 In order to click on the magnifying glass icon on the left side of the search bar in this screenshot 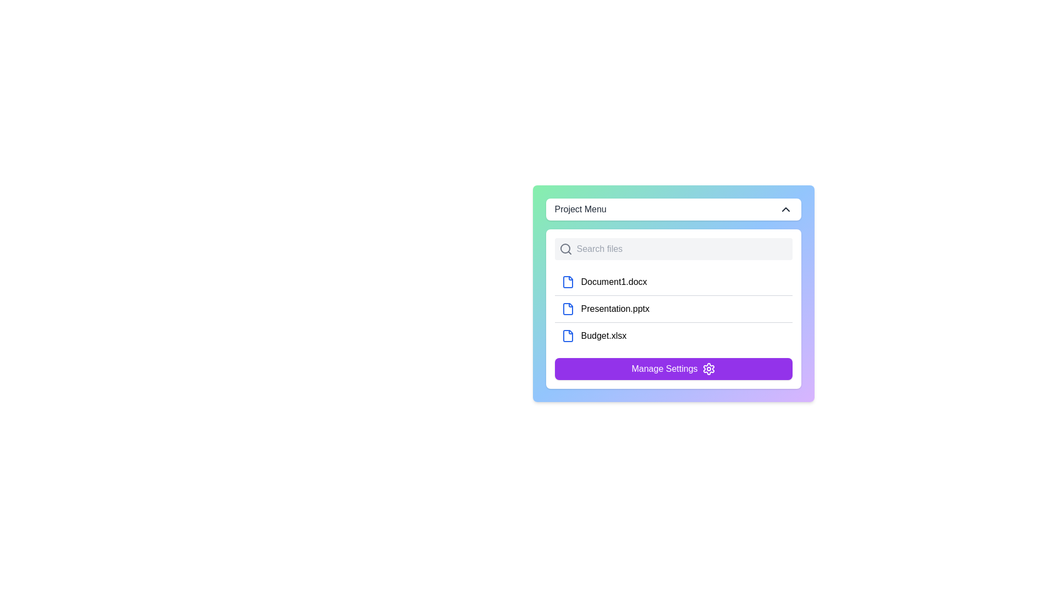, I will do `click(565, 249)`.